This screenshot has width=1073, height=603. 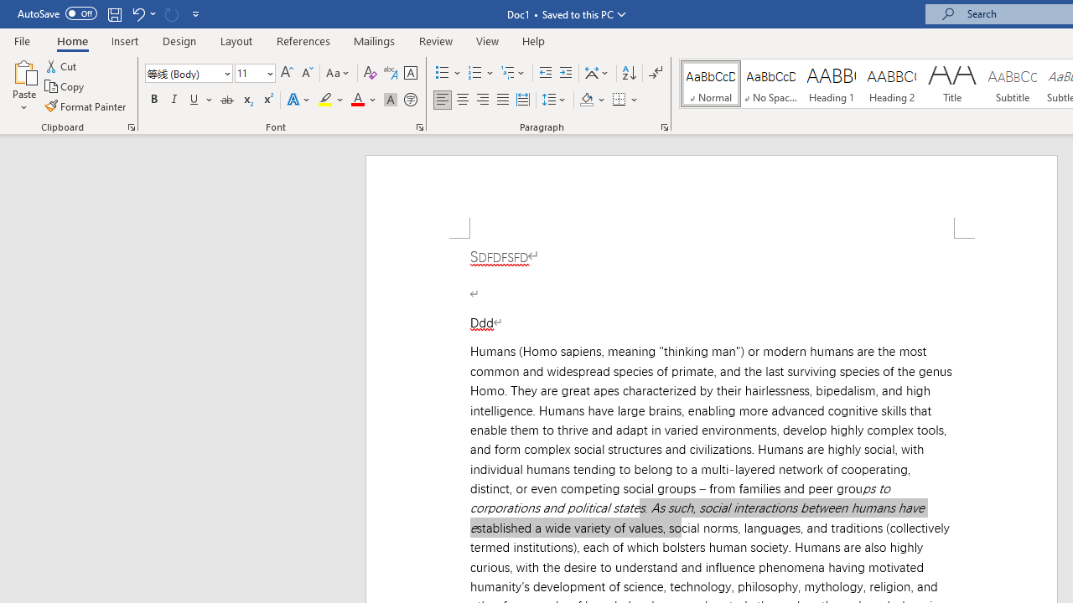 I want to click on 'System', so click(x=8, y=9).